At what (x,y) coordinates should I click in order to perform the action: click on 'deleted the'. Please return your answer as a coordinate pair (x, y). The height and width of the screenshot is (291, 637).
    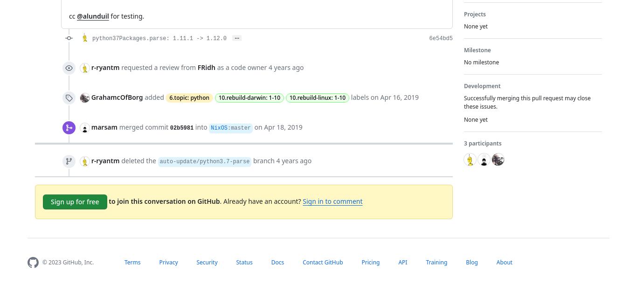
    Looking at the image, I should click on (138, 159).